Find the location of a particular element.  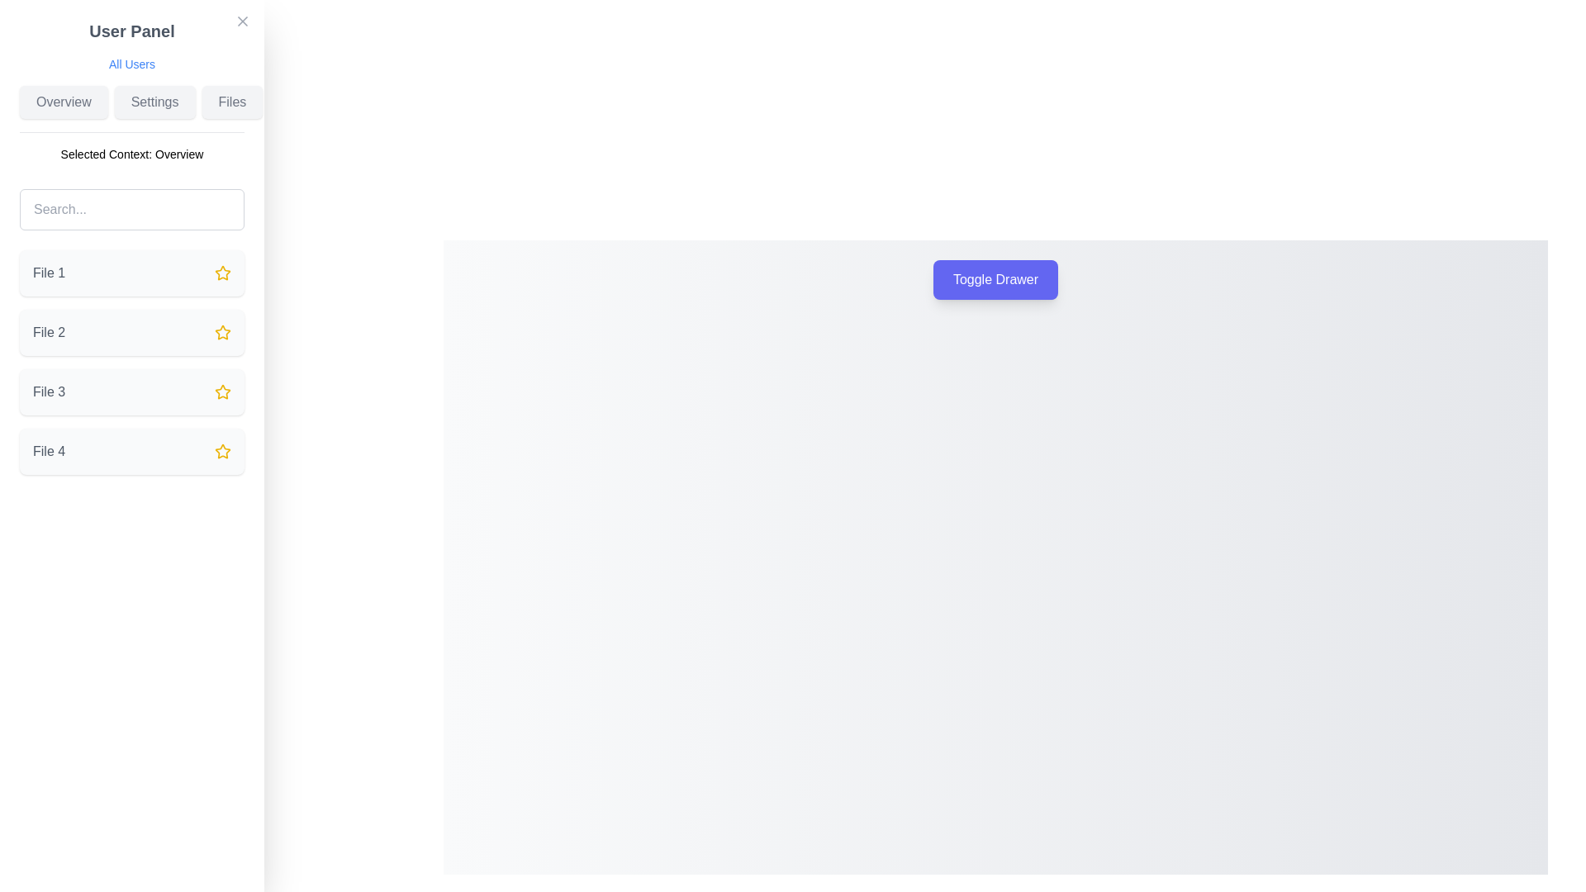

the Text label representing 'File 1' in the first list item of the vertical menu on the left side of the interface is located at coordinates (49, 273).